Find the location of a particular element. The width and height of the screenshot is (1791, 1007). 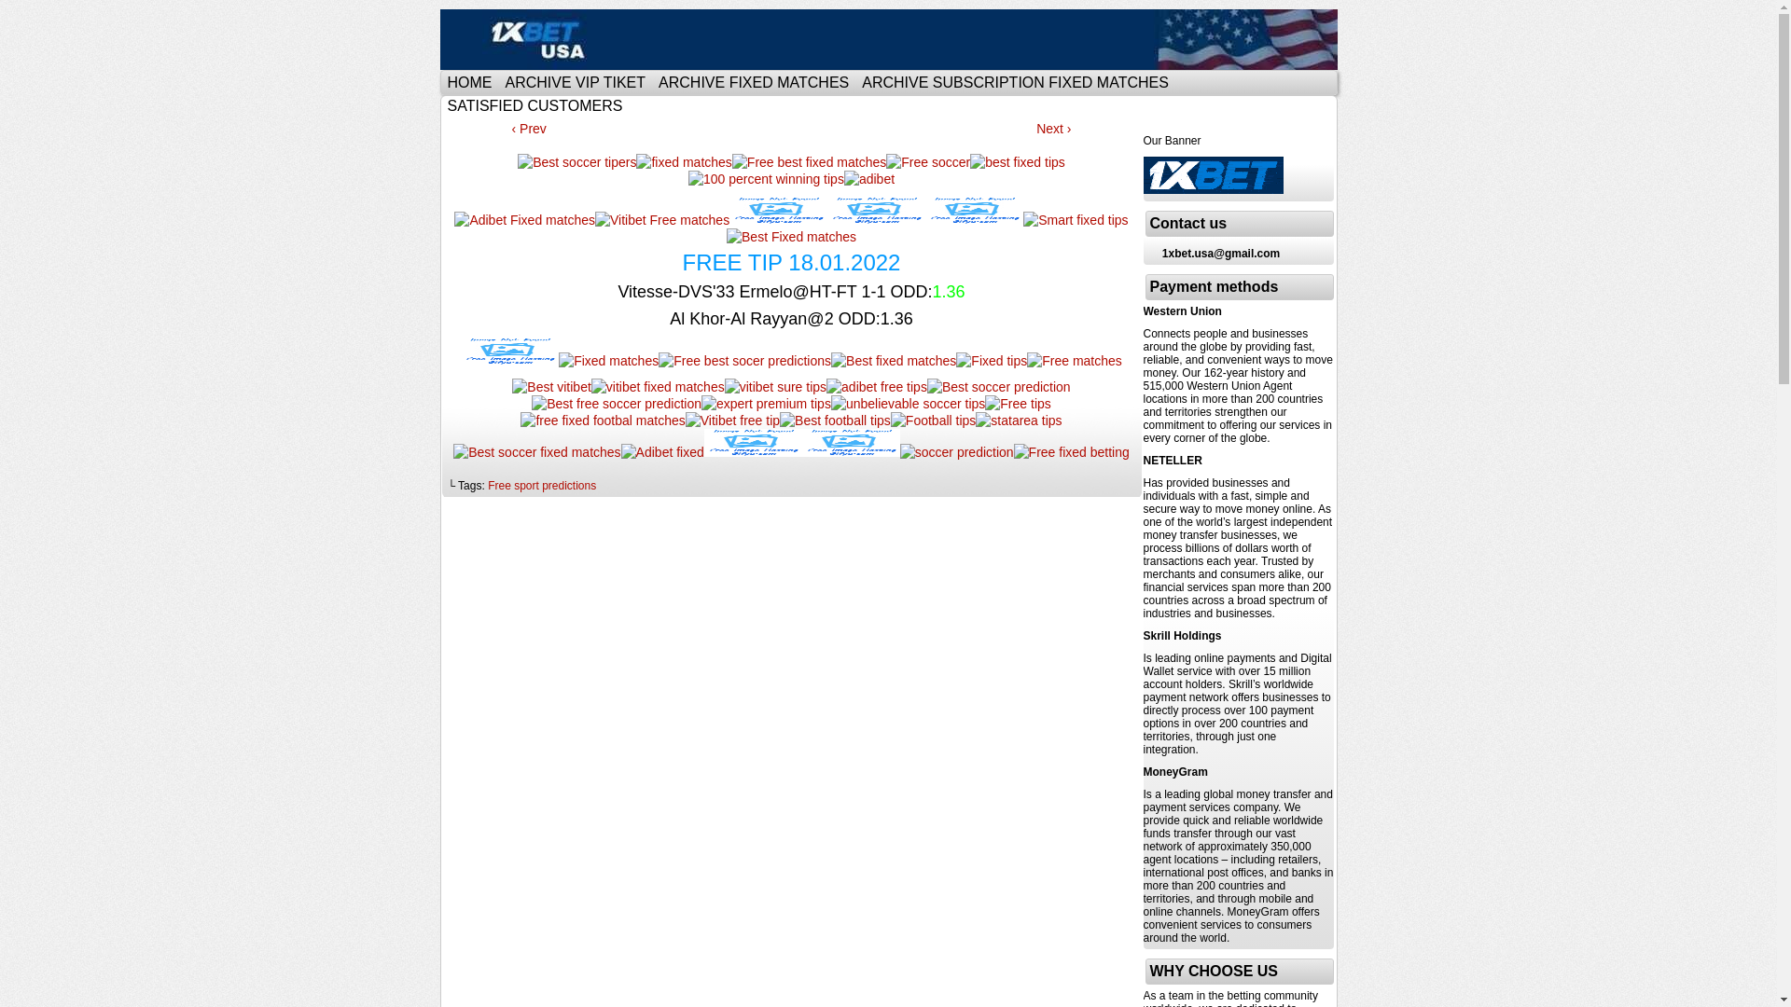

'ARCHIVE SUBSCRIPTION FIXED MATCHES' is located at coordinates (1014, 81).